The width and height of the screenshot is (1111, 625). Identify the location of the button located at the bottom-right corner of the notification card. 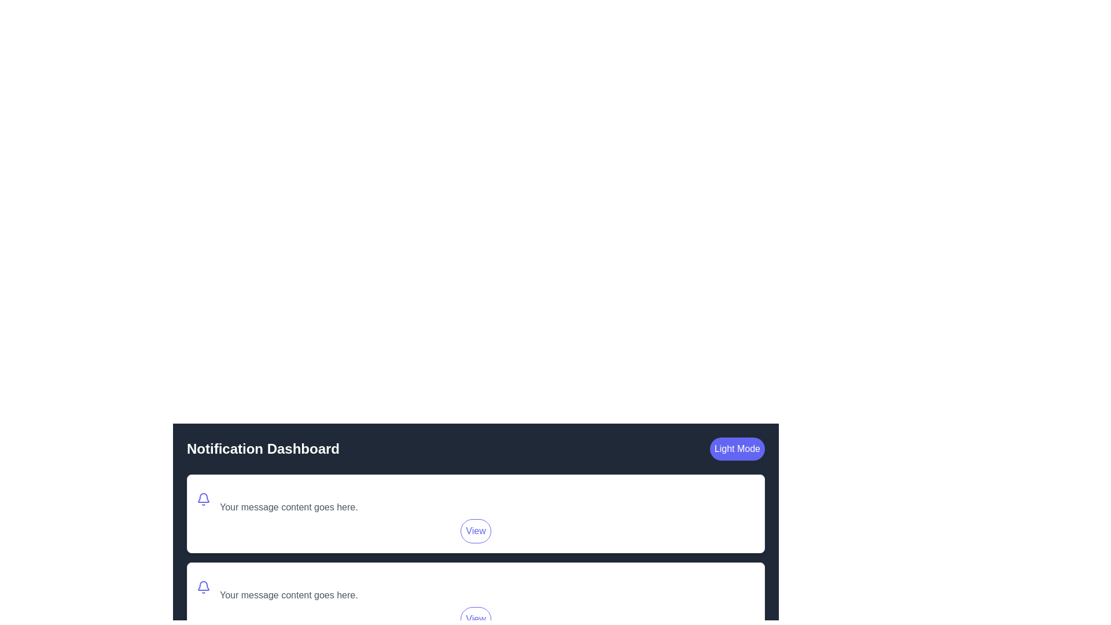
(476, 531).